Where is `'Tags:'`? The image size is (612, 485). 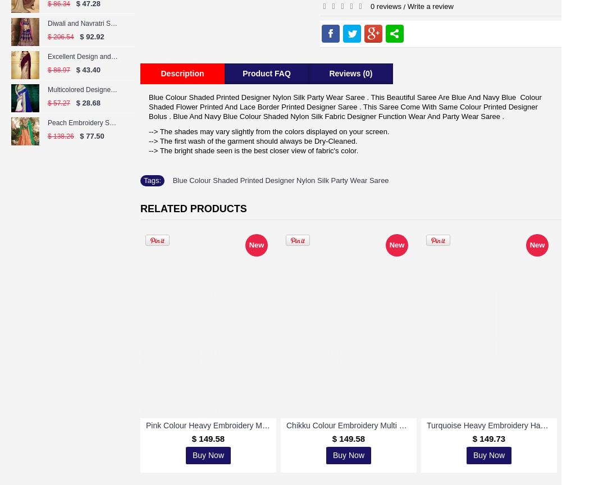 'Tags:' is located at coordinates (152, 180).